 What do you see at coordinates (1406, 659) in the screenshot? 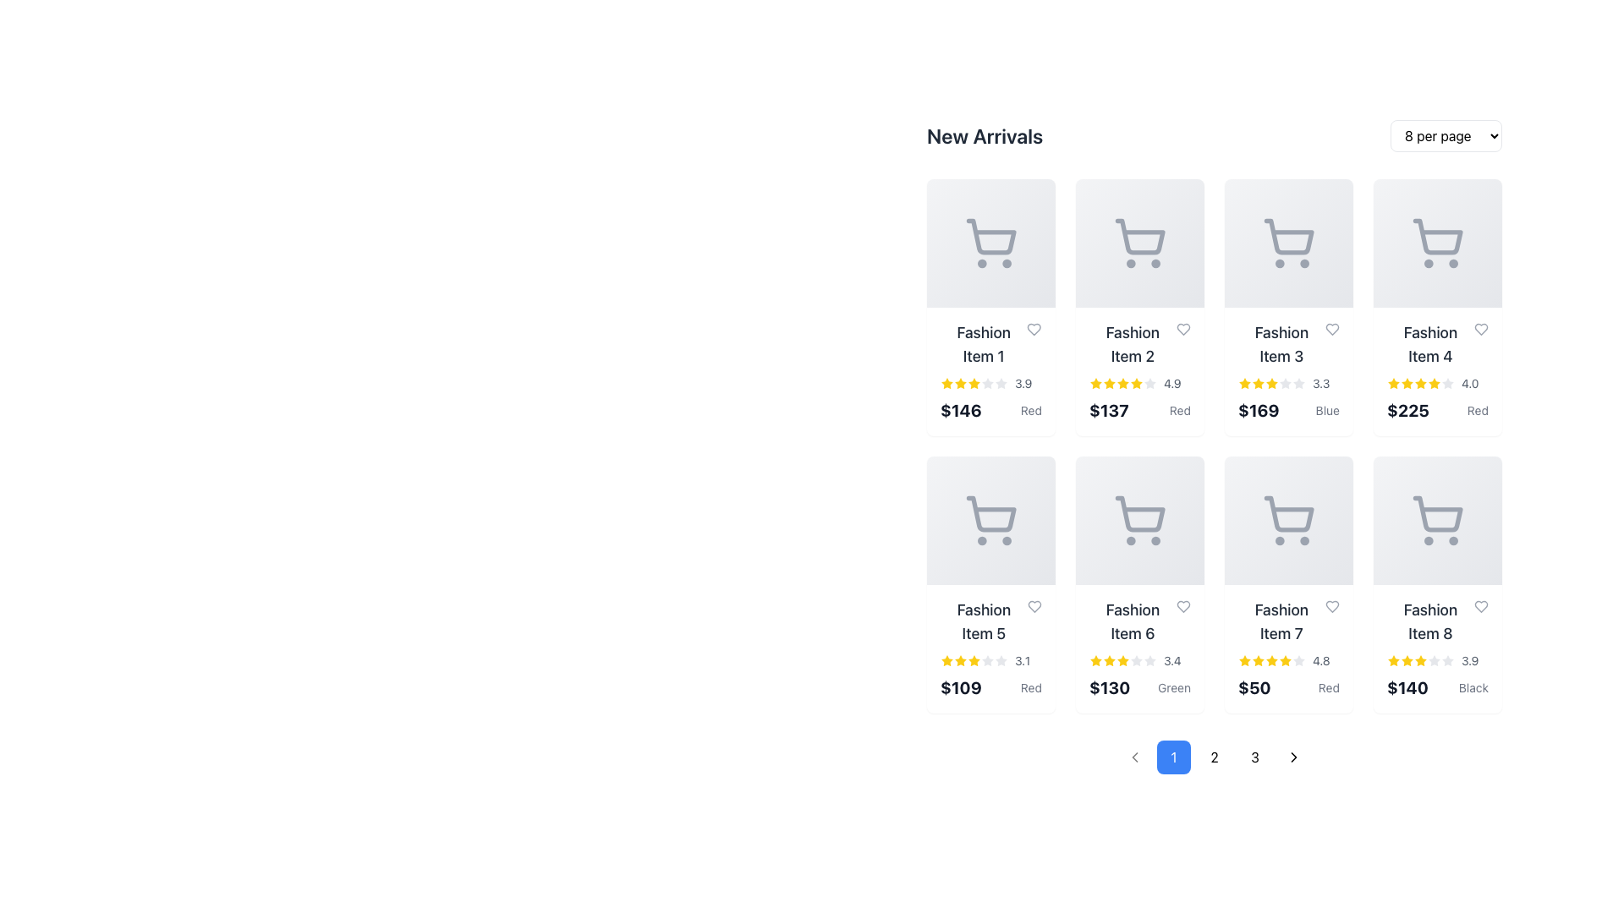
I see `the third star in the rating row for 'Fashion Item 8' to change the rating` at bounding box center [1406, 659].